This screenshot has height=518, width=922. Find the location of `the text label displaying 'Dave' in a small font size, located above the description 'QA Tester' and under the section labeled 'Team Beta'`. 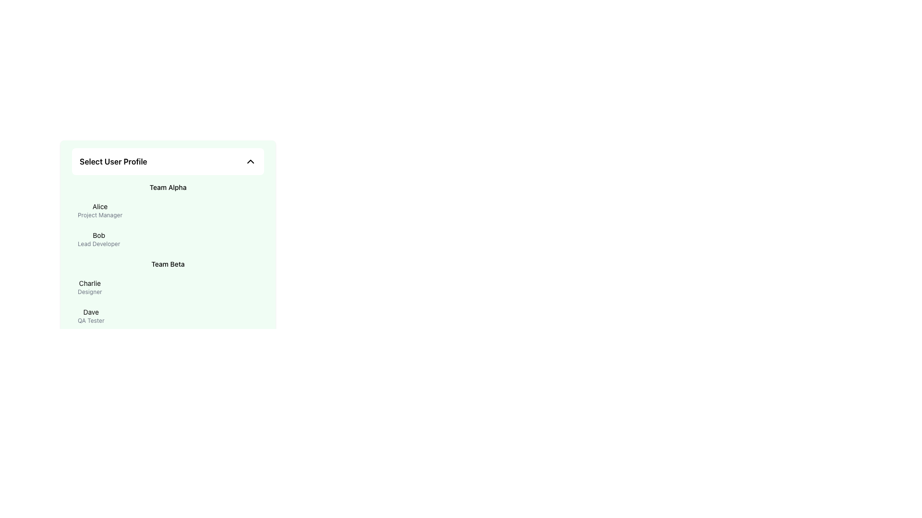

the text label displaying 'Dave' in a small font size, located above the description 'QA Tester' and under the section labeled 'Team Beta' is located at coordinates (91, 312).